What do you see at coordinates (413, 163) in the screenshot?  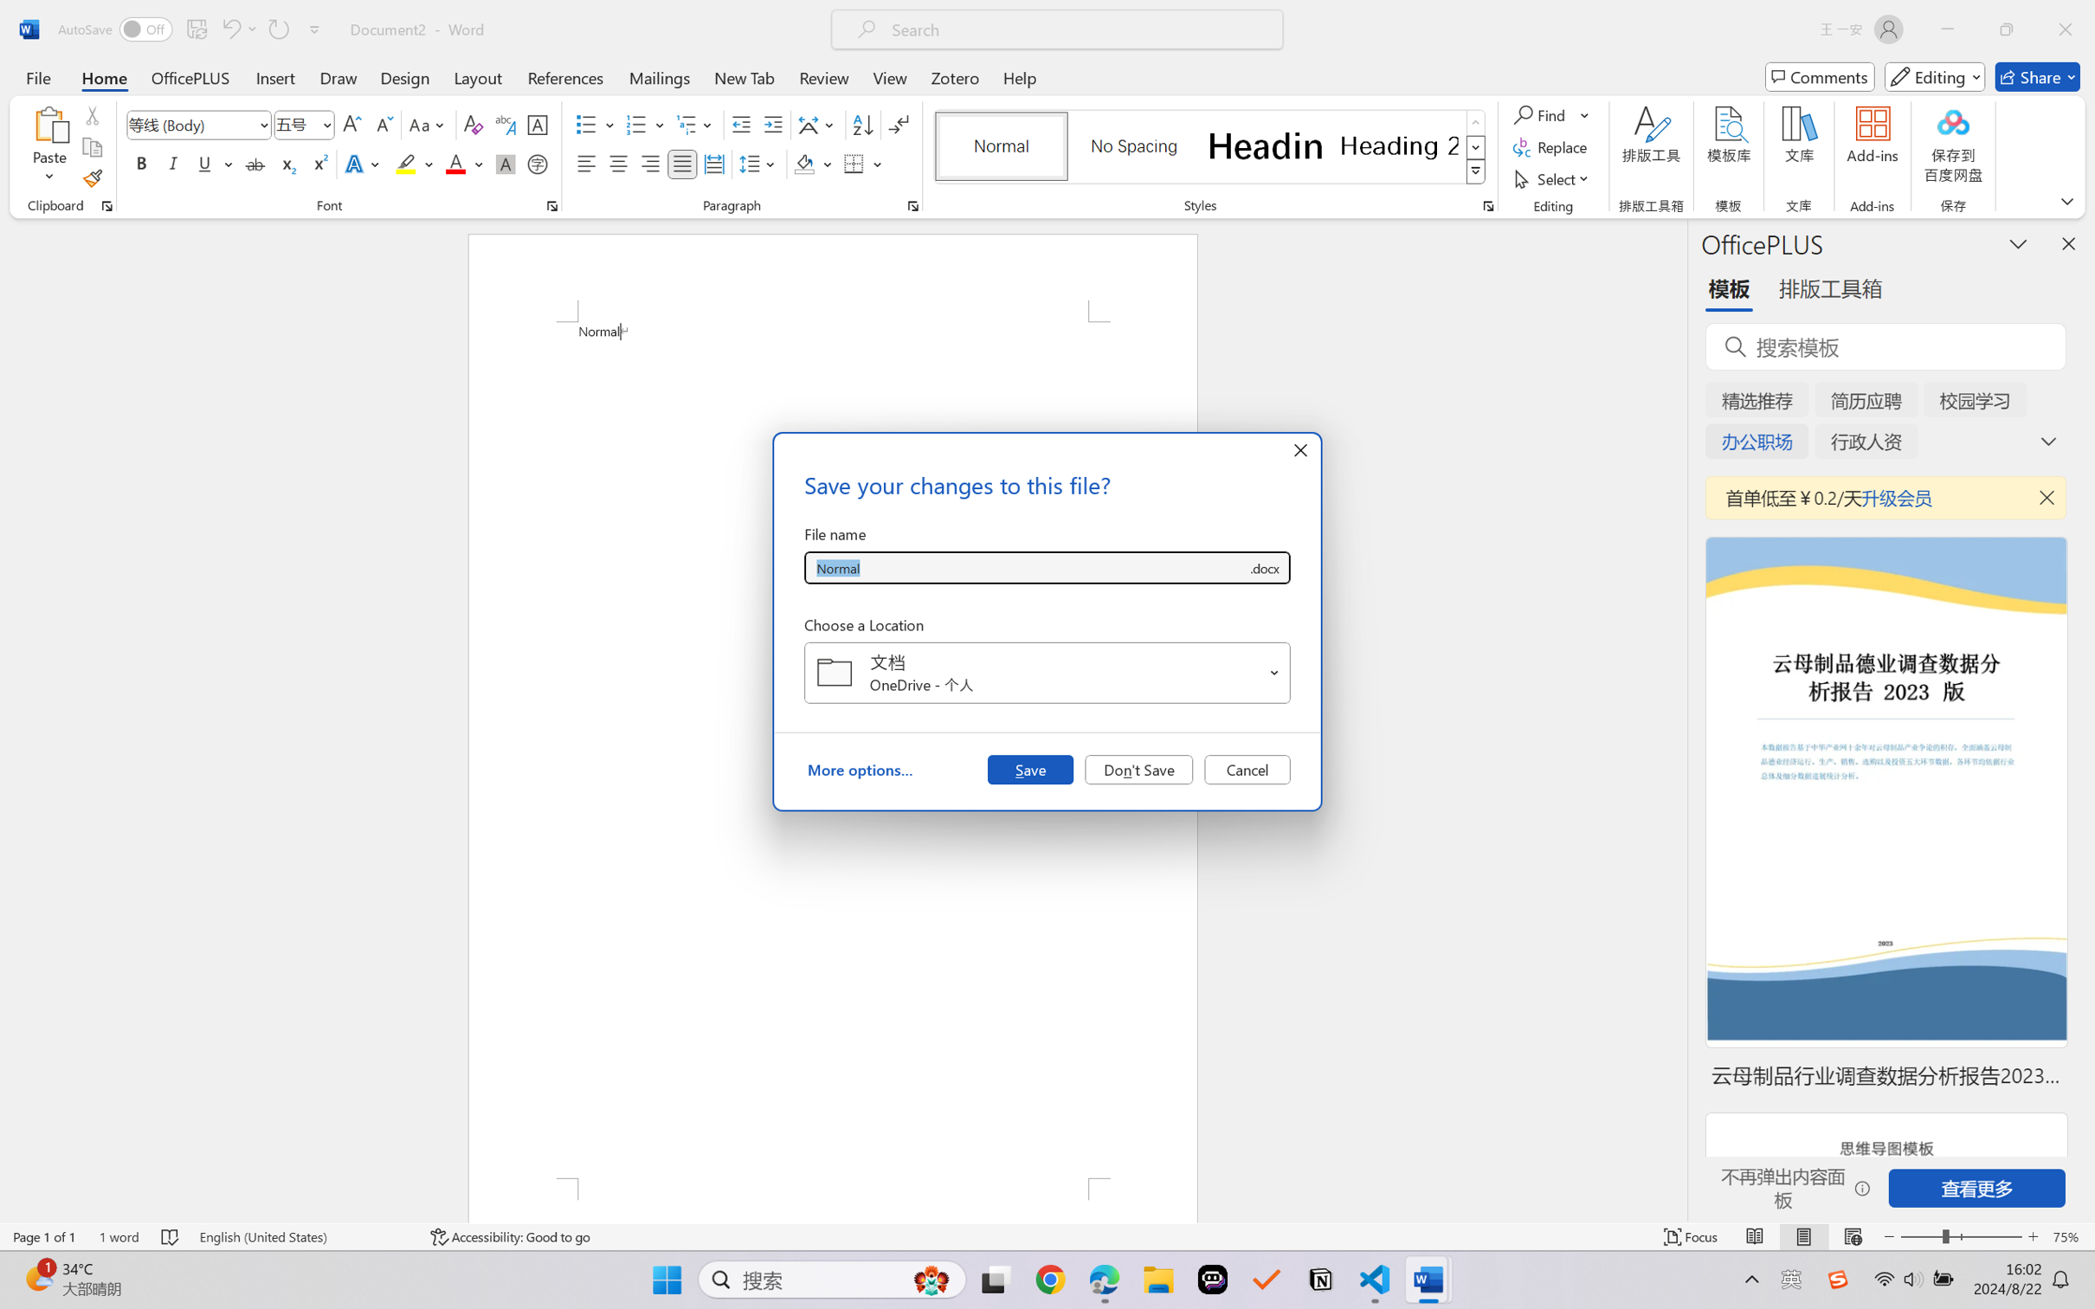 I see `'Text Highlight Color'` at bounding box center [413, 163].